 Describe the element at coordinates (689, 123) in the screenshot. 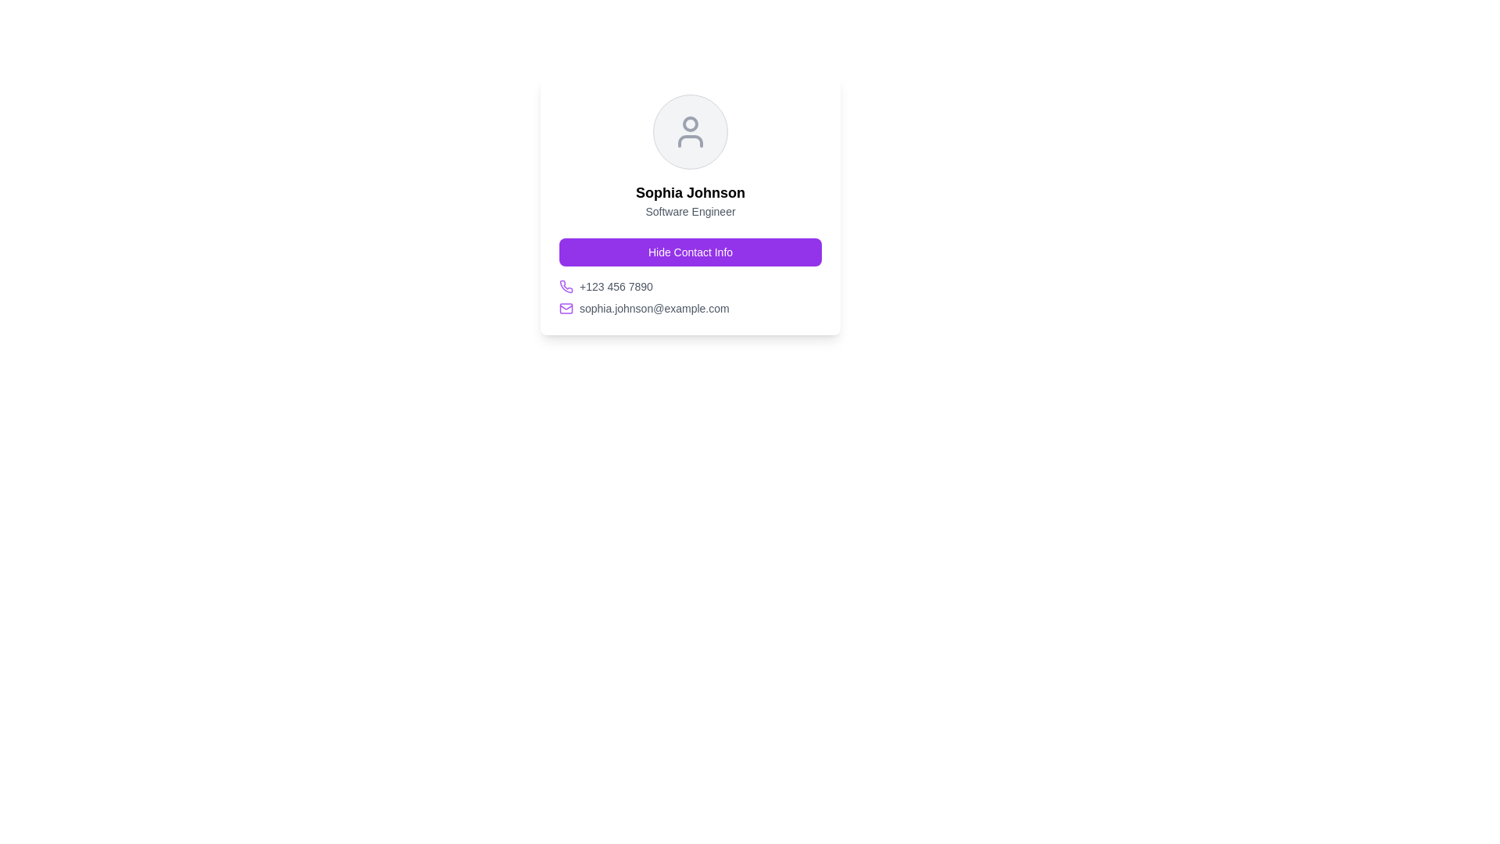

I see `the small circle located at the center-top of the larger user-profile icon` at that location.